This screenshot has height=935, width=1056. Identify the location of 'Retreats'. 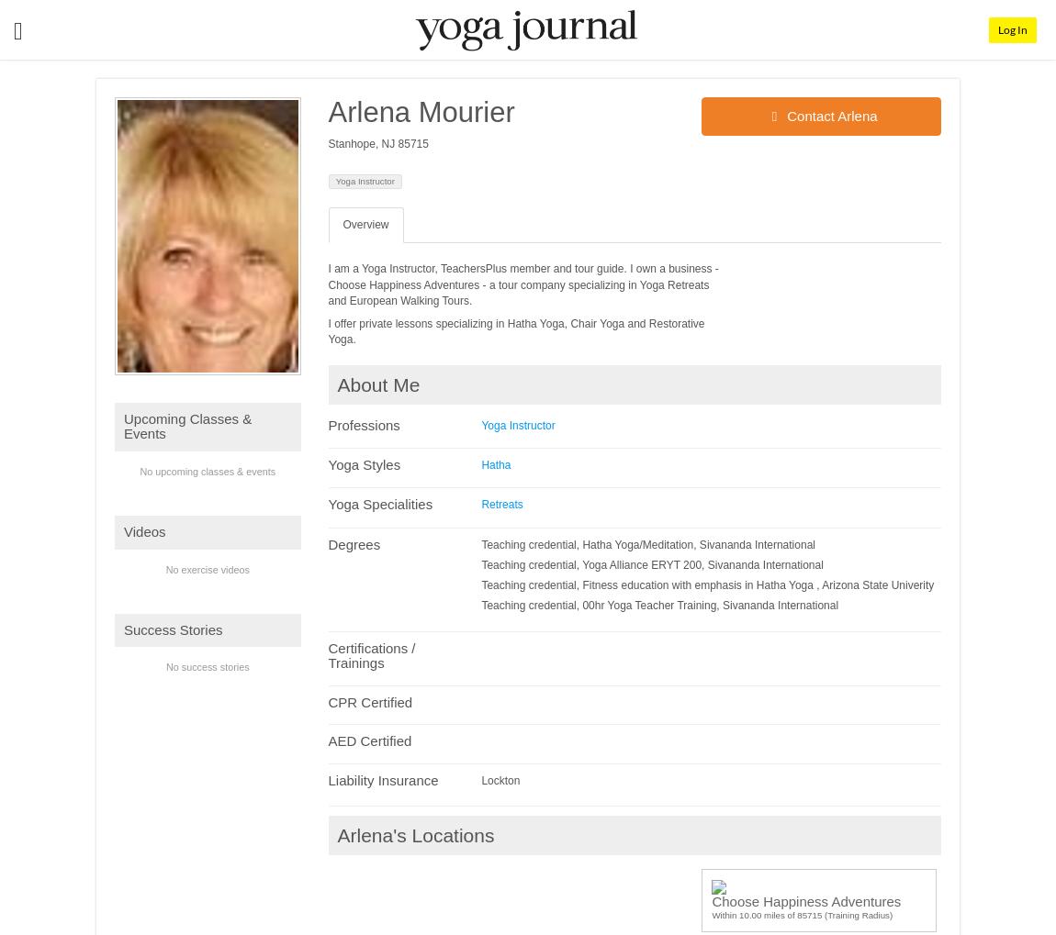
(501, 504).